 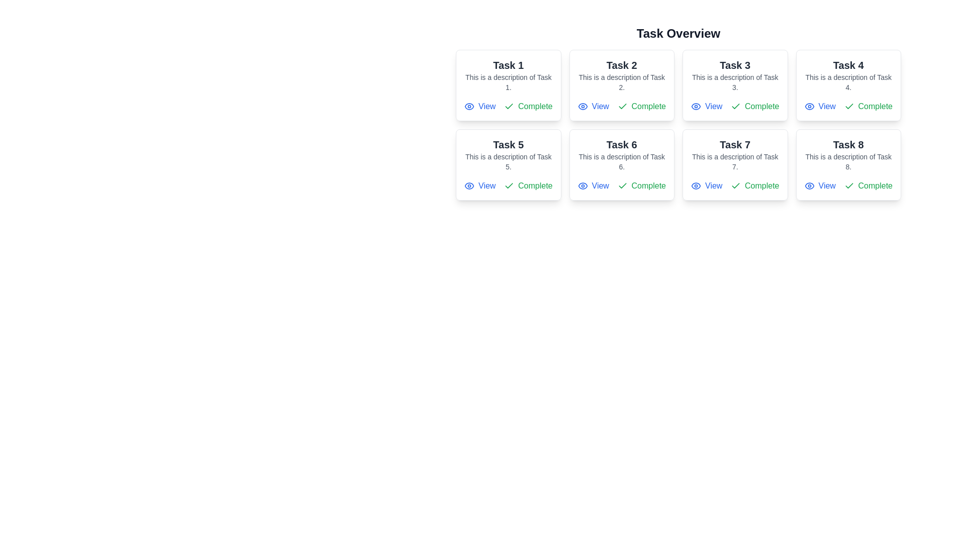 I want to click on the completion status icon for 'Task 5' located in the 'Complete' section of the second row in a 2x4 task card grid layout, so click(x=509, y=186).